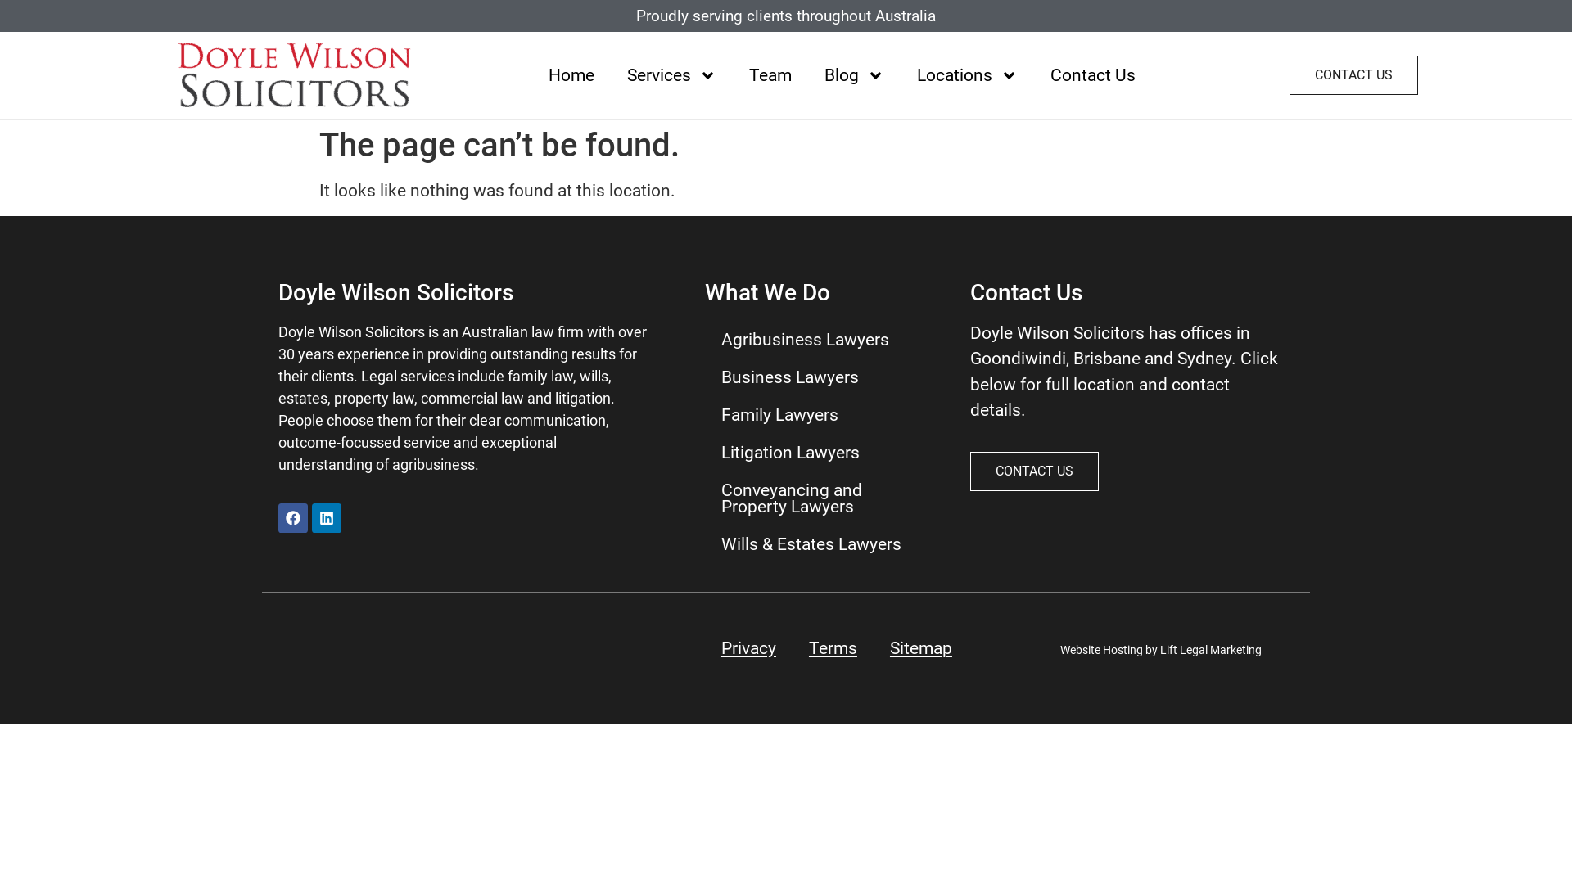 The width and height of the screenshot is (1572, 884). I want to click on 'Team', so click(769, 74).